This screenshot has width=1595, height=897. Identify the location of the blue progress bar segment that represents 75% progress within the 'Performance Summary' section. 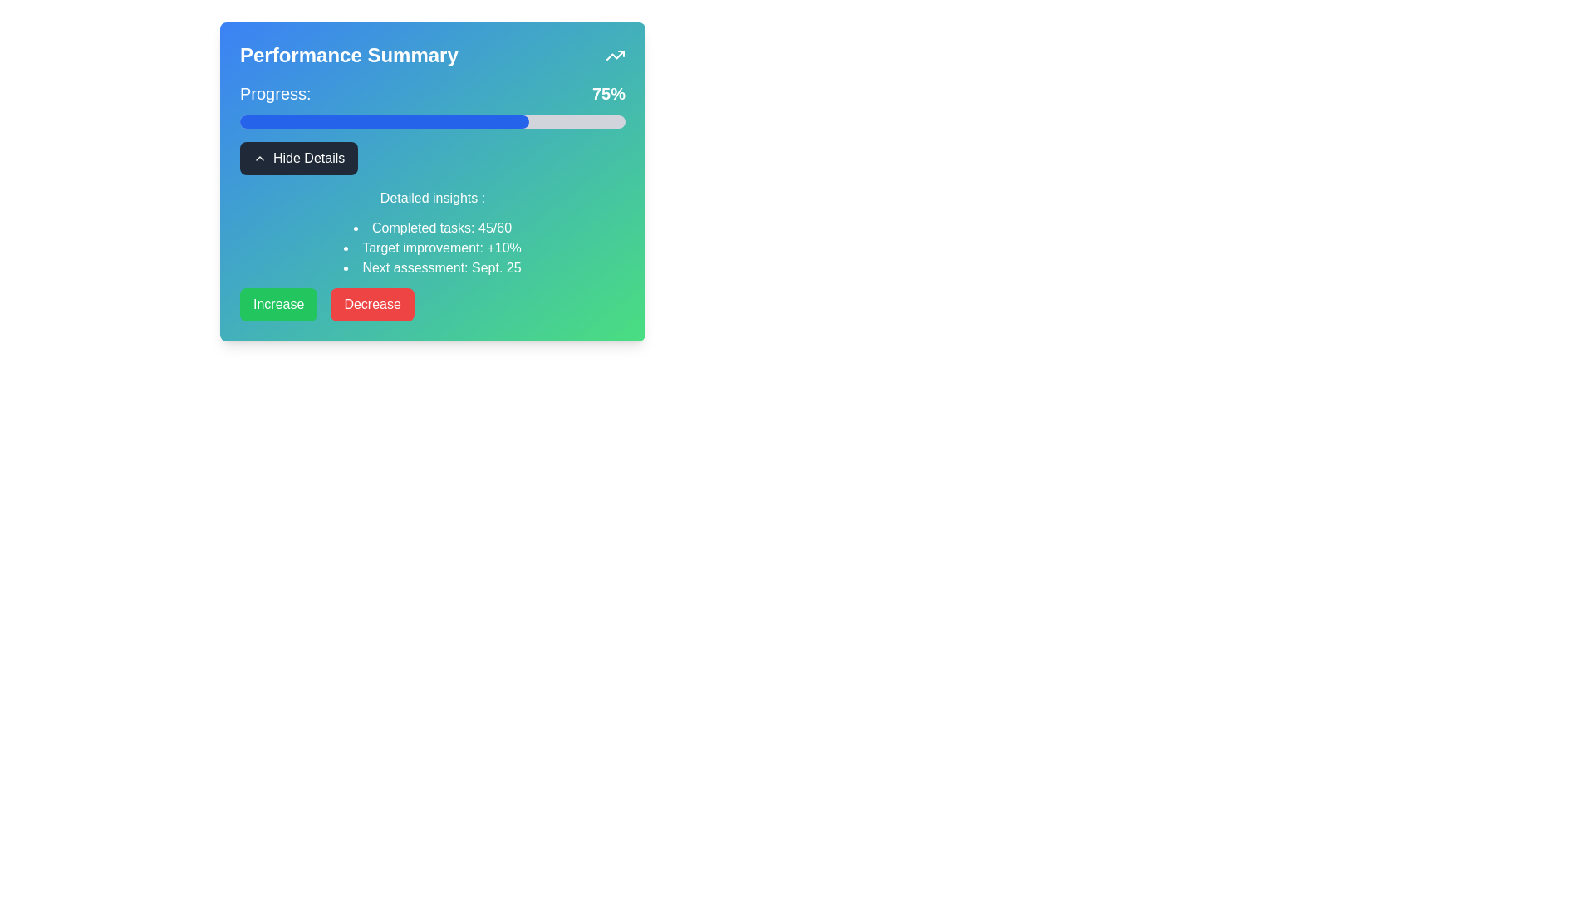
(383, 120).